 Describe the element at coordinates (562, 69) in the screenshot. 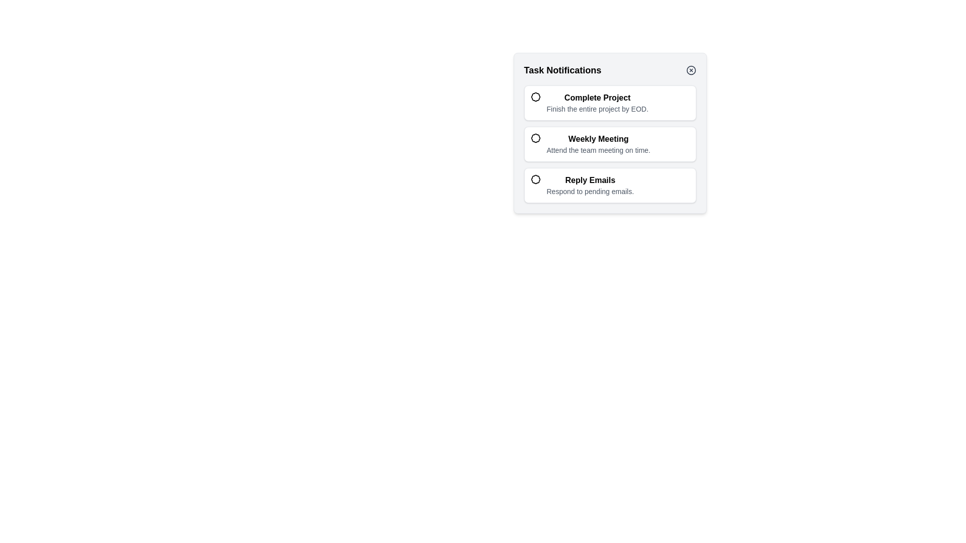

I see `the bold title text 'Task Notifications' located at the top-left inside the panel` at that location.